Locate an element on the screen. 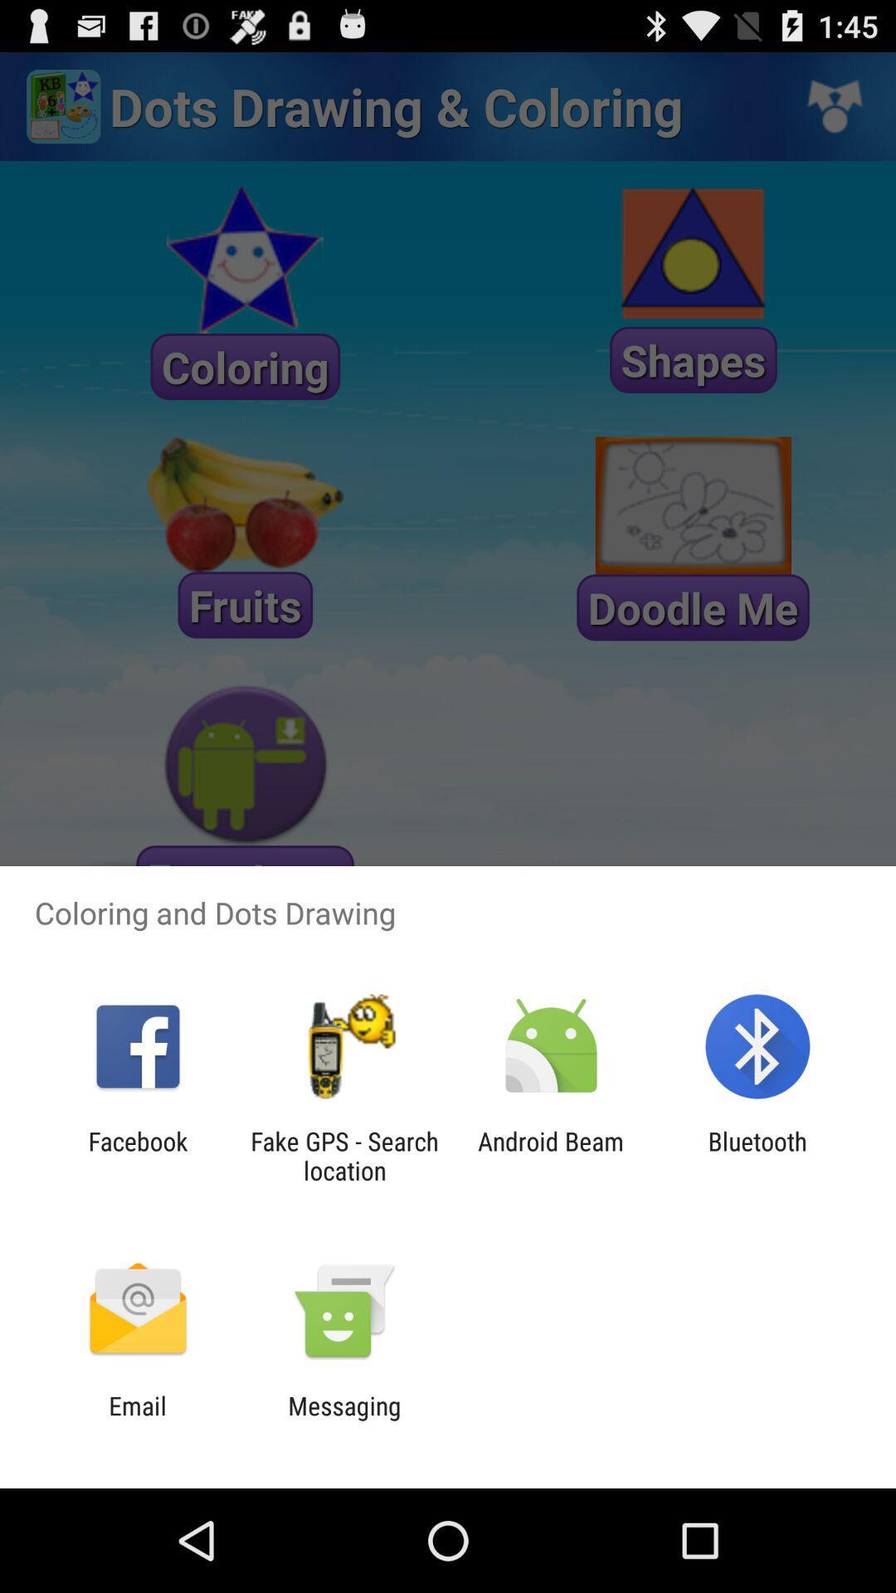  the messaging icon is located at coordinates (343, 1420).